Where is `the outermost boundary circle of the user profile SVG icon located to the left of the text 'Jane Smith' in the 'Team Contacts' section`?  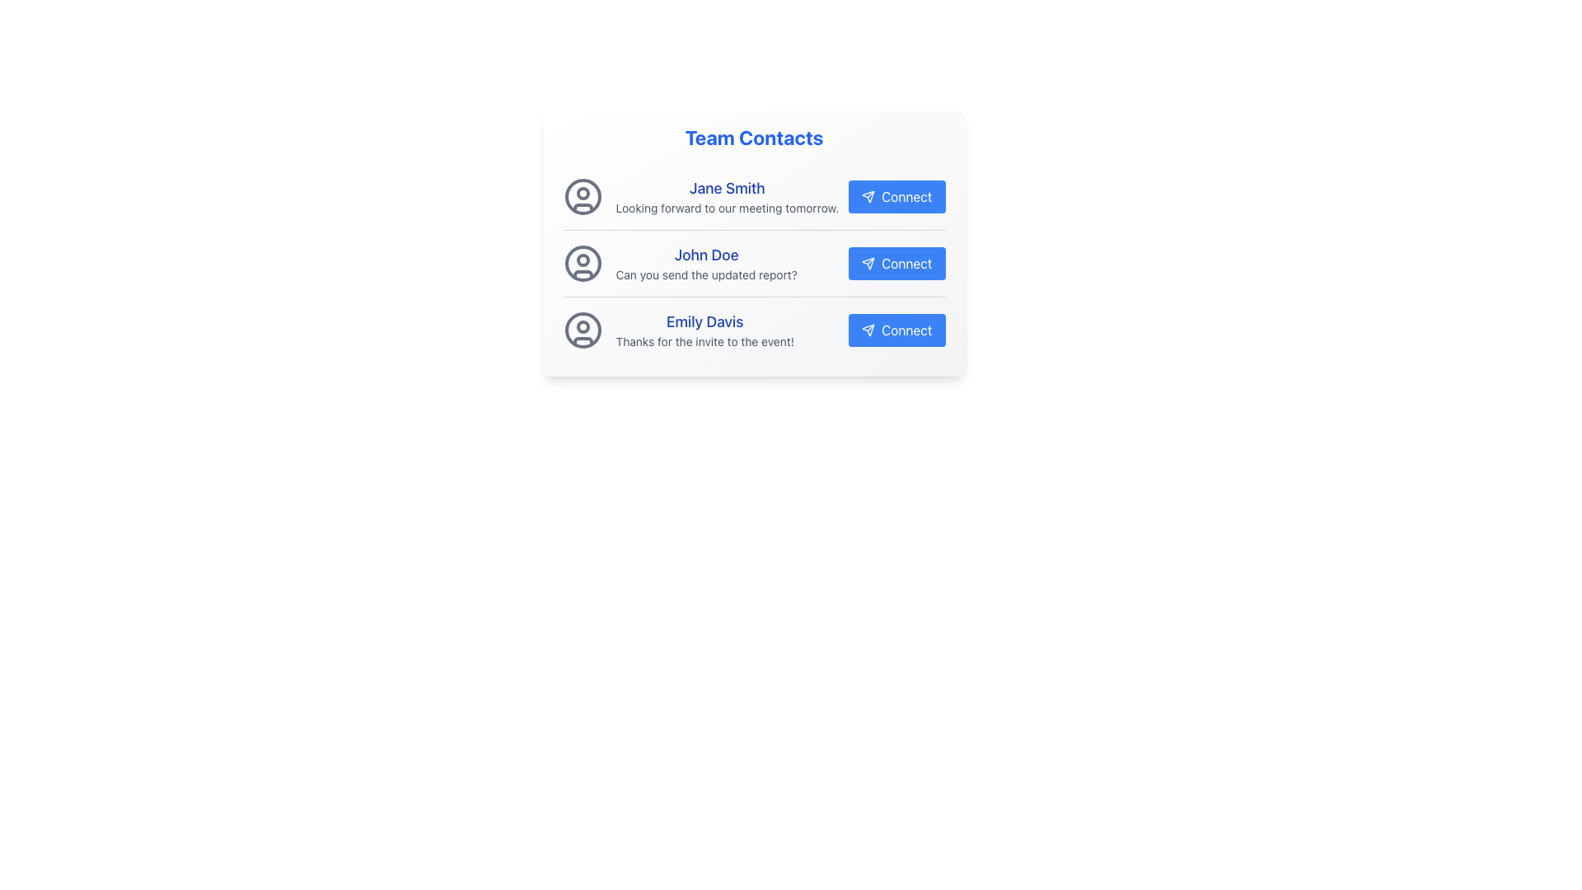 the outermost boundary circle of the user profile SVG icon located to the left of the text 'Jane Smith' in the 'Team Contacts' section is located at coordinates (583, 196).